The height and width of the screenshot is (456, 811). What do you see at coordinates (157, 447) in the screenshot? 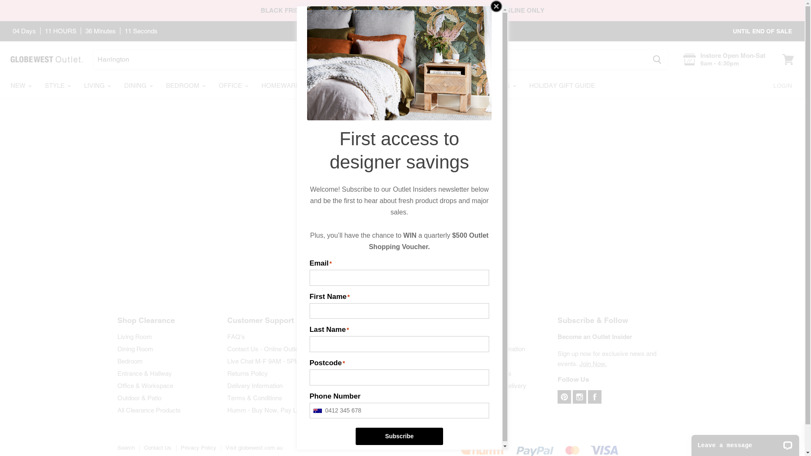
I see `'Contact Us'` at bounding box center [157, 447].